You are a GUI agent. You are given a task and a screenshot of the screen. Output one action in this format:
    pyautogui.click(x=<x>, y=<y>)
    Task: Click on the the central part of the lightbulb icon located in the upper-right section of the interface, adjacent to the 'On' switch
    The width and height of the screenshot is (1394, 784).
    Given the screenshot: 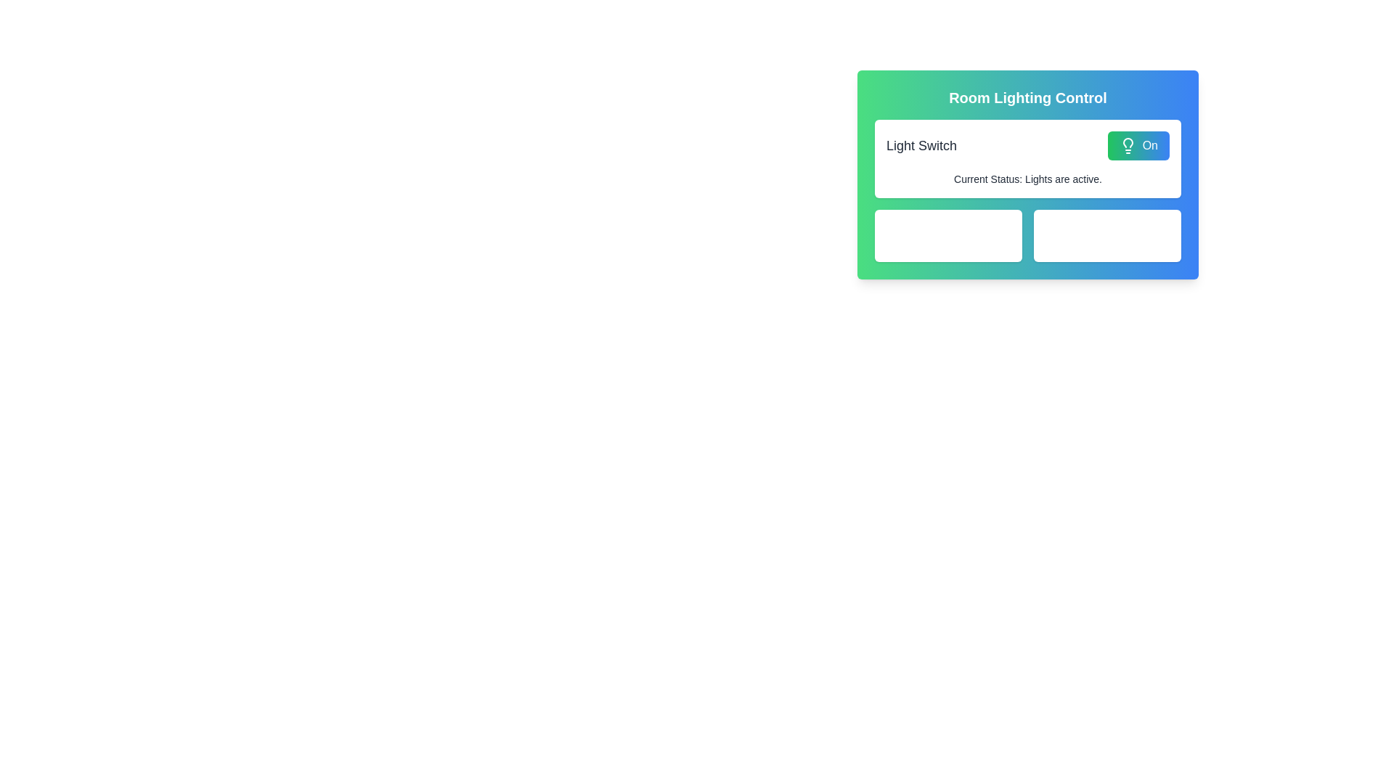 What is the action you would take?
    pyautogui.click(x=1127, y=142)
    